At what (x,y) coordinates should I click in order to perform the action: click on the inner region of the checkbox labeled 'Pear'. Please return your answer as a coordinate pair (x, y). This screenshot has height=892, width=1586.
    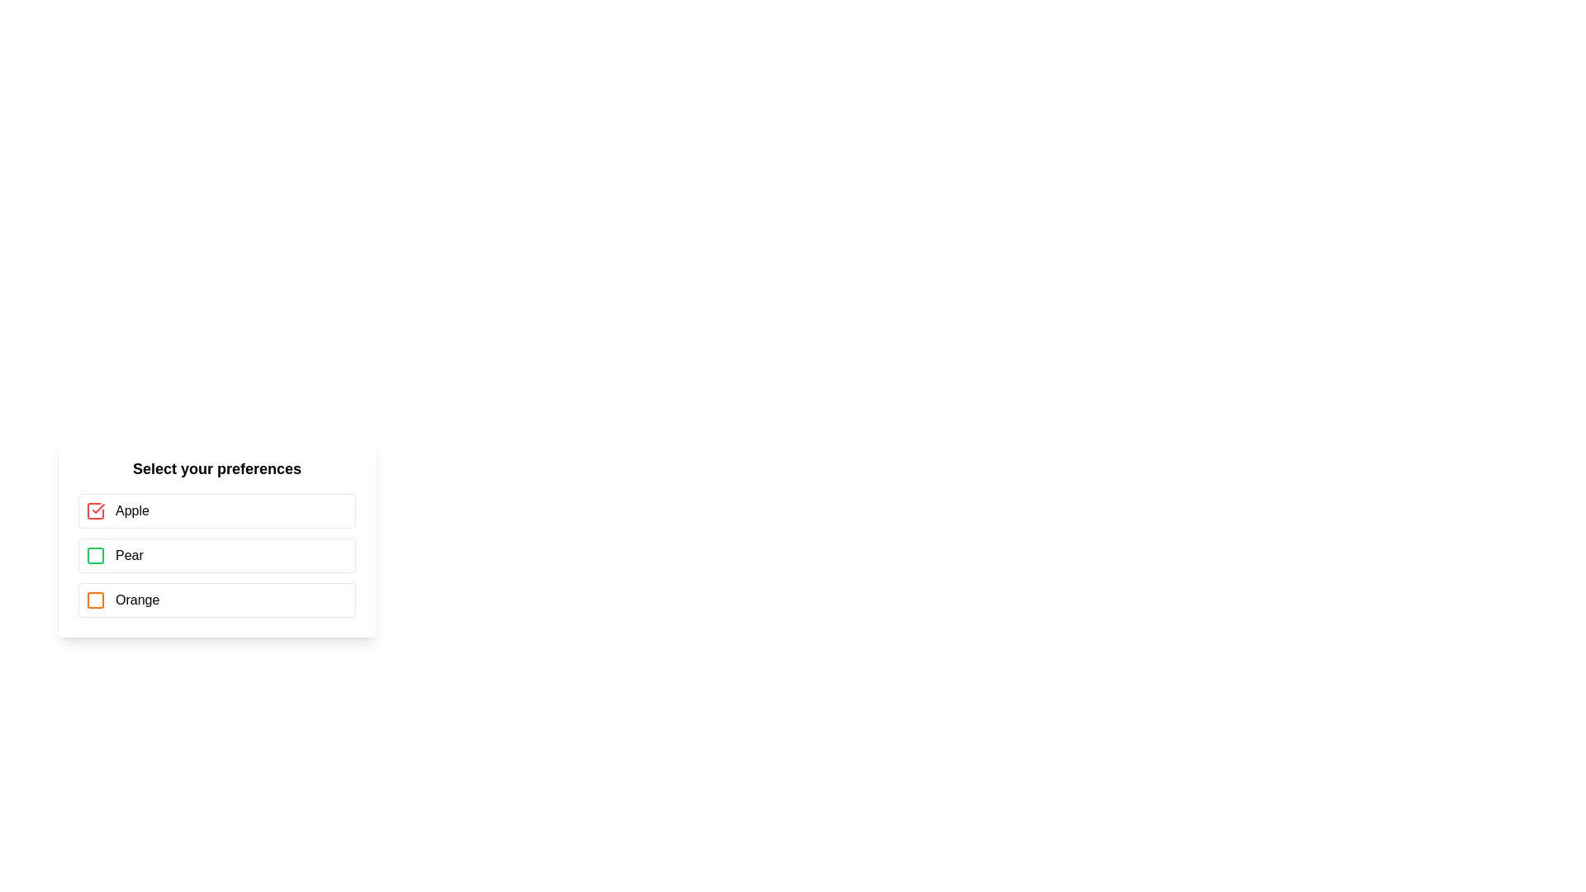
    Looking at the image, I should click on (94, 555).